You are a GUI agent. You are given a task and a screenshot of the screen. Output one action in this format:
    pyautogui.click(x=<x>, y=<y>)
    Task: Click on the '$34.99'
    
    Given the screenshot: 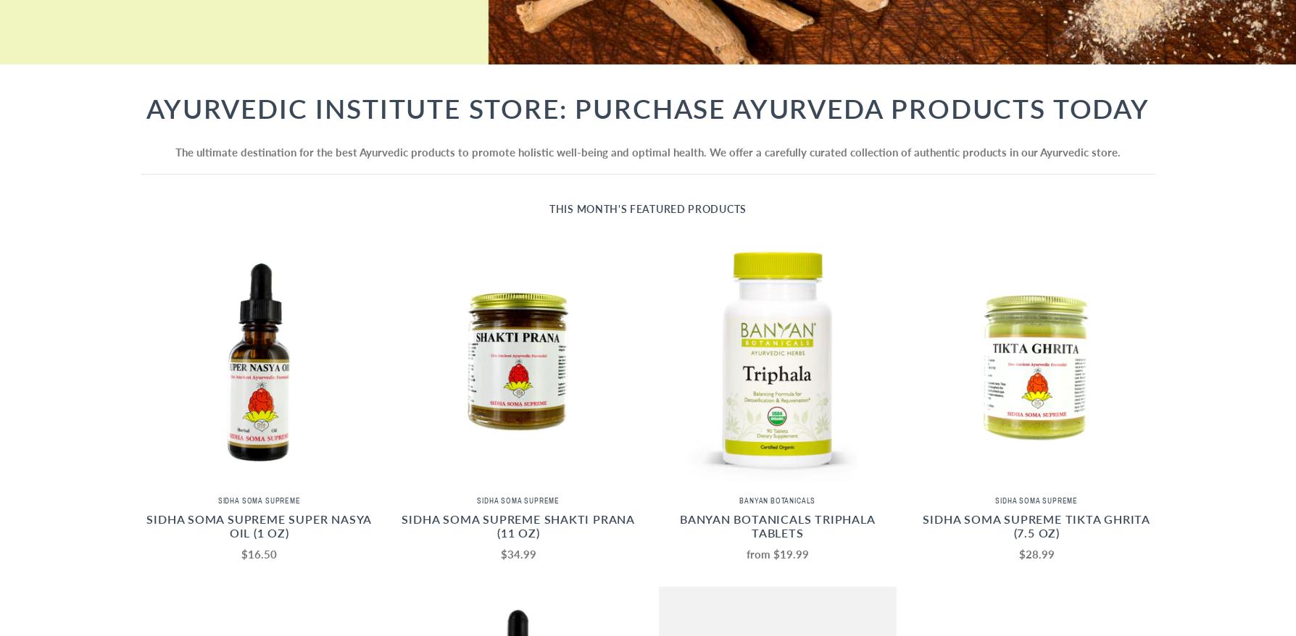 What is the action you would take?
    pyautogui.click(x=499, y=553)
    